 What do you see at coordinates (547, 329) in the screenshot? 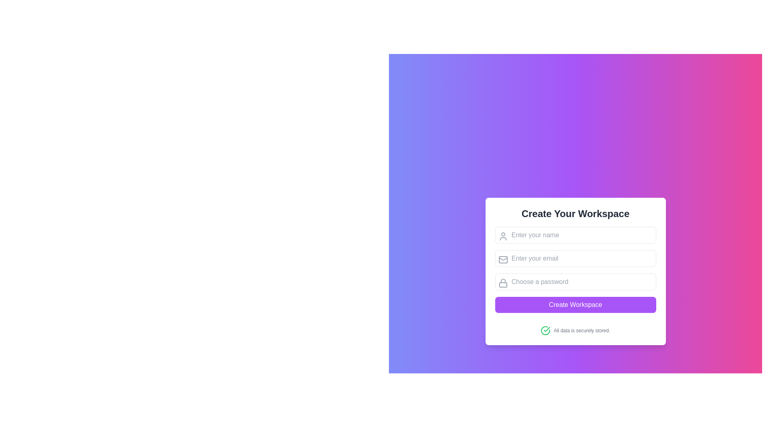
I see `the checkmark icon that symbolizes a successful action, which is positioned inside a larger green-themed circle icon at the bottom of the form component` at bounding box center [547, 329].